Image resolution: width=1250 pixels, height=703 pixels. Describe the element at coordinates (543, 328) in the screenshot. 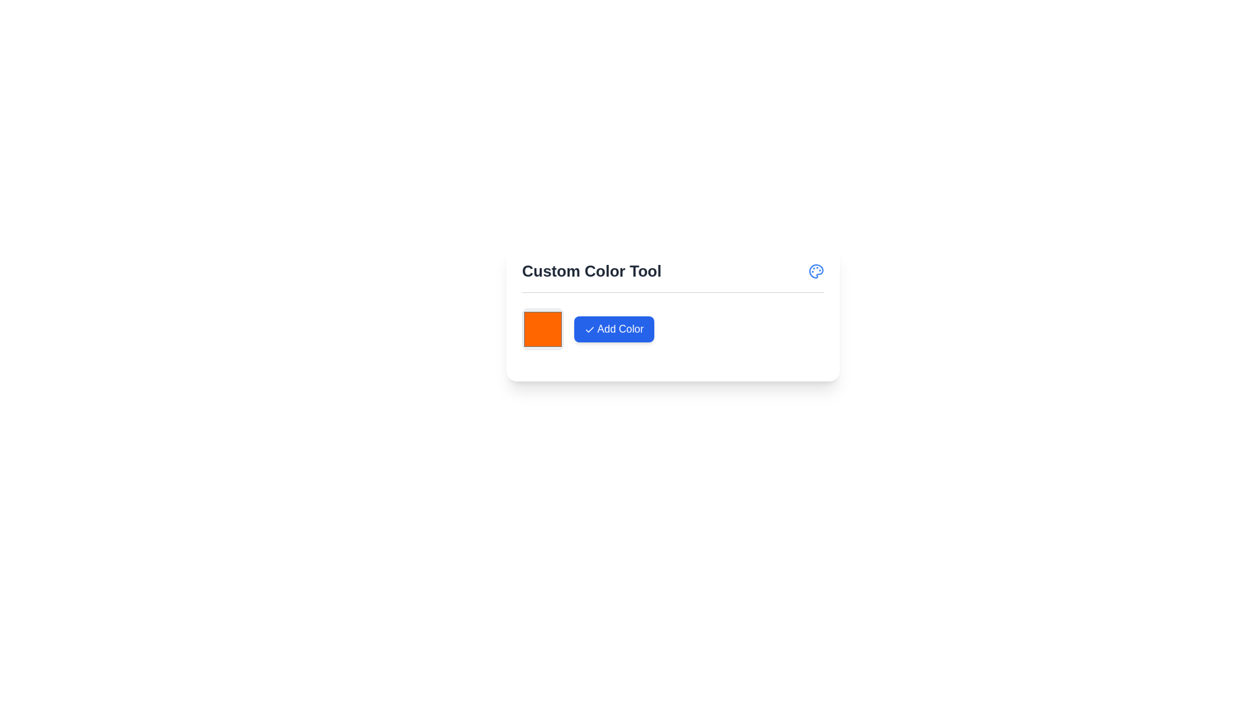

I see `the square-shaped color picker with a solid orange color and a bordered, rounded outline` at that location.